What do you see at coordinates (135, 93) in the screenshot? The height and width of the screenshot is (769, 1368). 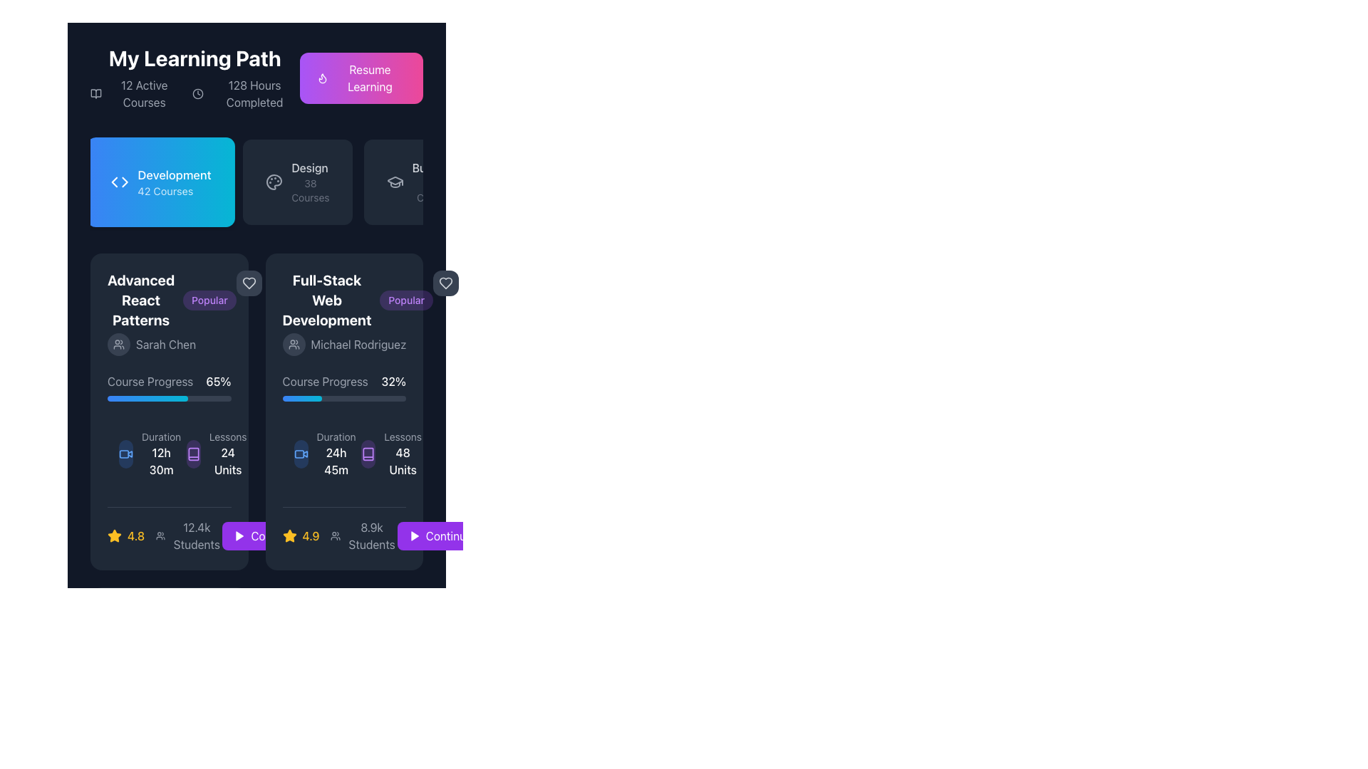 I see `summary of active courses, which is the Text with icon located at the upper segment of the visible content, to the left of the '128 Hours Completed' text` at bounding box center [135, 93].